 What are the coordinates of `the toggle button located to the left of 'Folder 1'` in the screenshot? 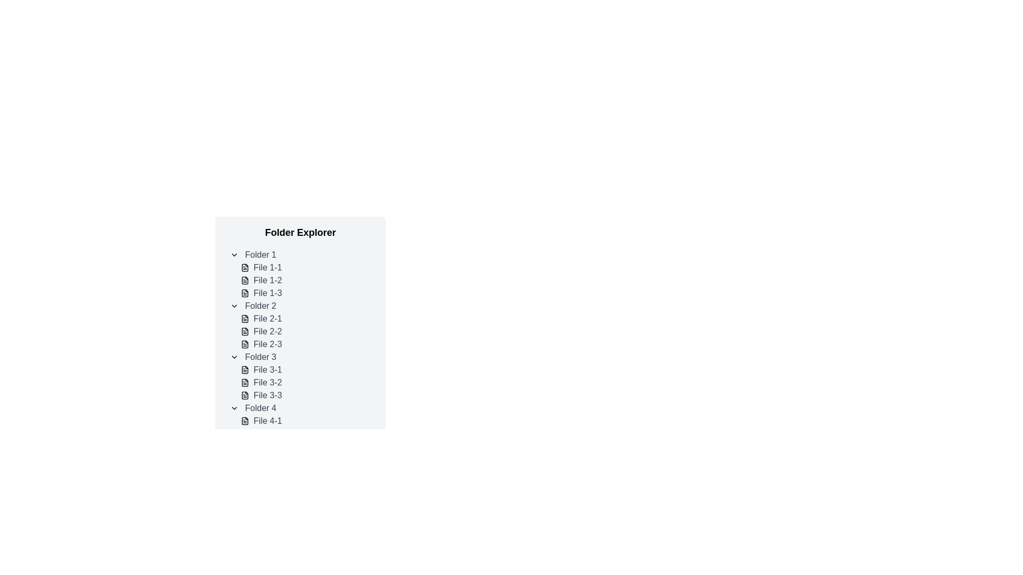 It's located at (234, 254).